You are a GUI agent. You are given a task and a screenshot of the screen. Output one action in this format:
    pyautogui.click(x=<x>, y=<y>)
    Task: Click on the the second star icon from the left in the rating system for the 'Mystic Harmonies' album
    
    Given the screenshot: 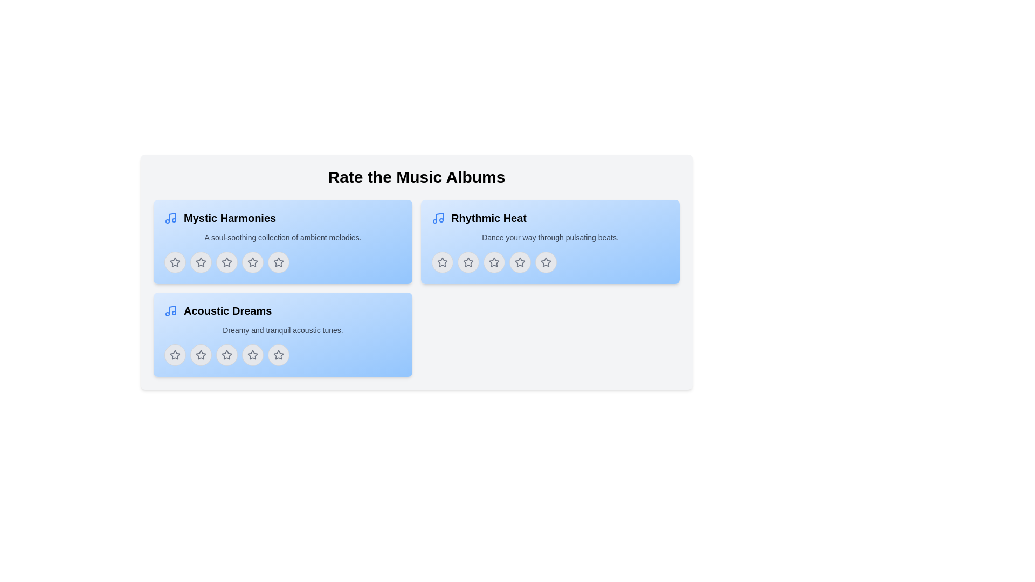 What is the action you would take?
    pyautogui.click(x=226, y=262)
    